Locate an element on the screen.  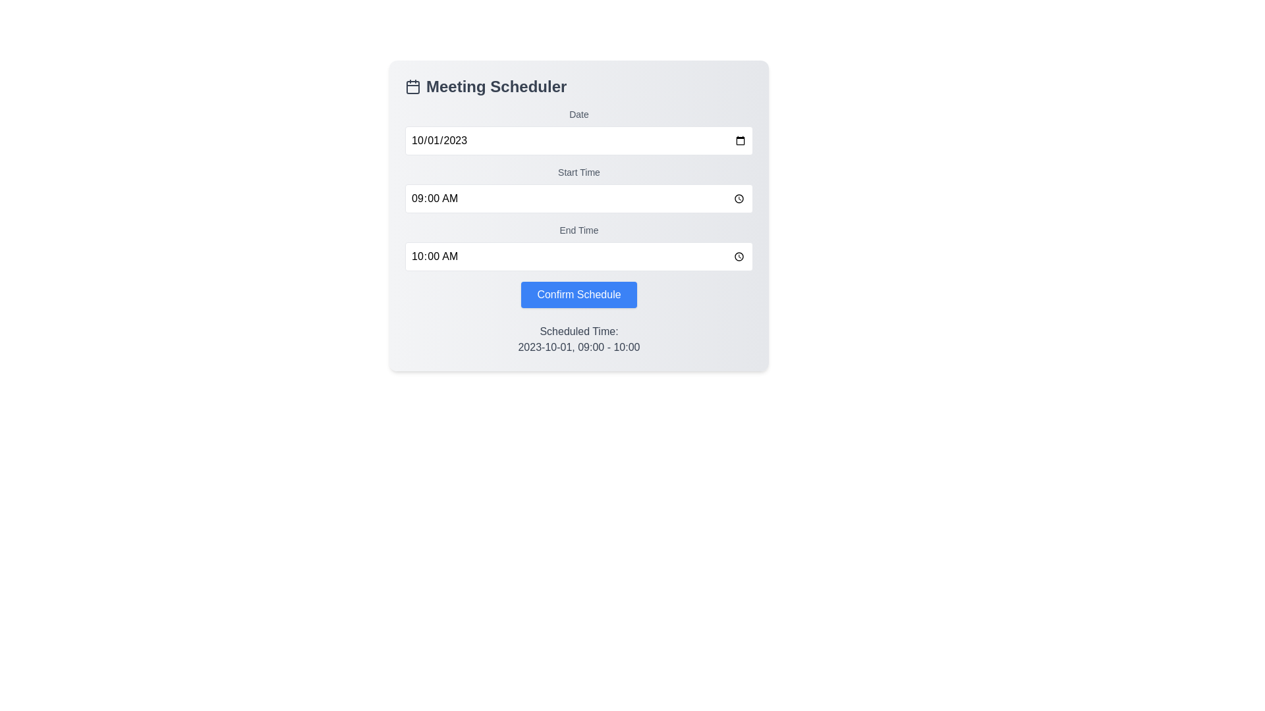
the 'End Time' label, which is a small grayish text label located below the 'Start Time' label and above the time input field is located at coordinates (578, 230).